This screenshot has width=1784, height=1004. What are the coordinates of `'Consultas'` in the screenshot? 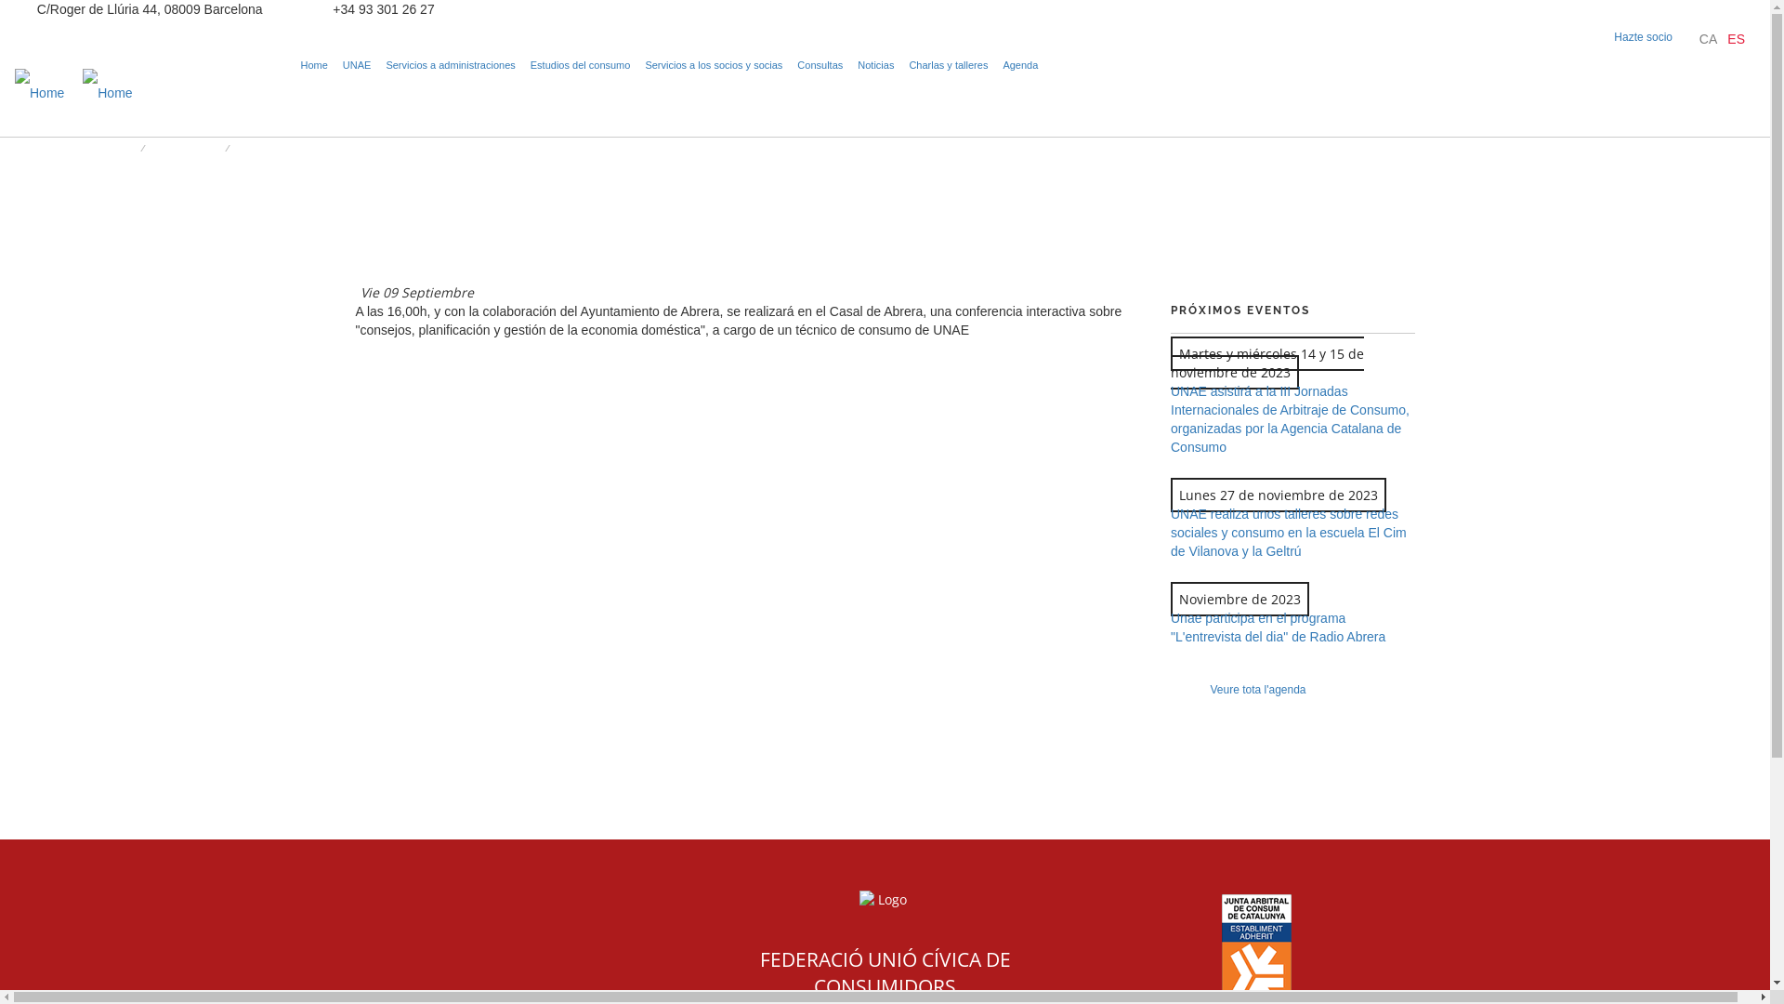 It's located at (819, 63).